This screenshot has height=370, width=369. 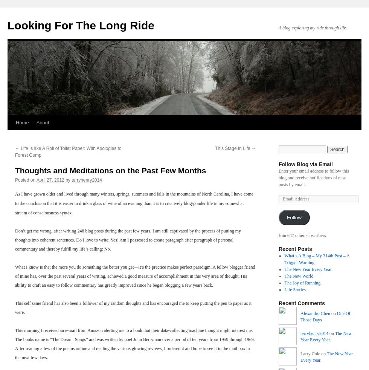 I want to click on 'Follow', so click(x=294, y=217).